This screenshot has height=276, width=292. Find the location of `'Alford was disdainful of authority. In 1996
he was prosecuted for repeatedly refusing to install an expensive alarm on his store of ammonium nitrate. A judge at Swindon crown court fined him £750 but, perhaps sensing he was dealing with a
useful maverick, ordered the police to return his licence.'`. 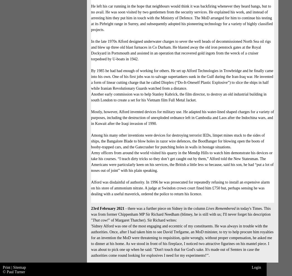

'Alford was disdainful of authority. In 1996
he was prosecuted for repeatedly refusing to install an expensive alarm on his store of ammonium nitrate. A judge at Swindon crown court fined him £750 but, perhaps sensing he was dealing with a
useful maverick, ordered the police to return his licence.' is located at coordinates (180, 188).